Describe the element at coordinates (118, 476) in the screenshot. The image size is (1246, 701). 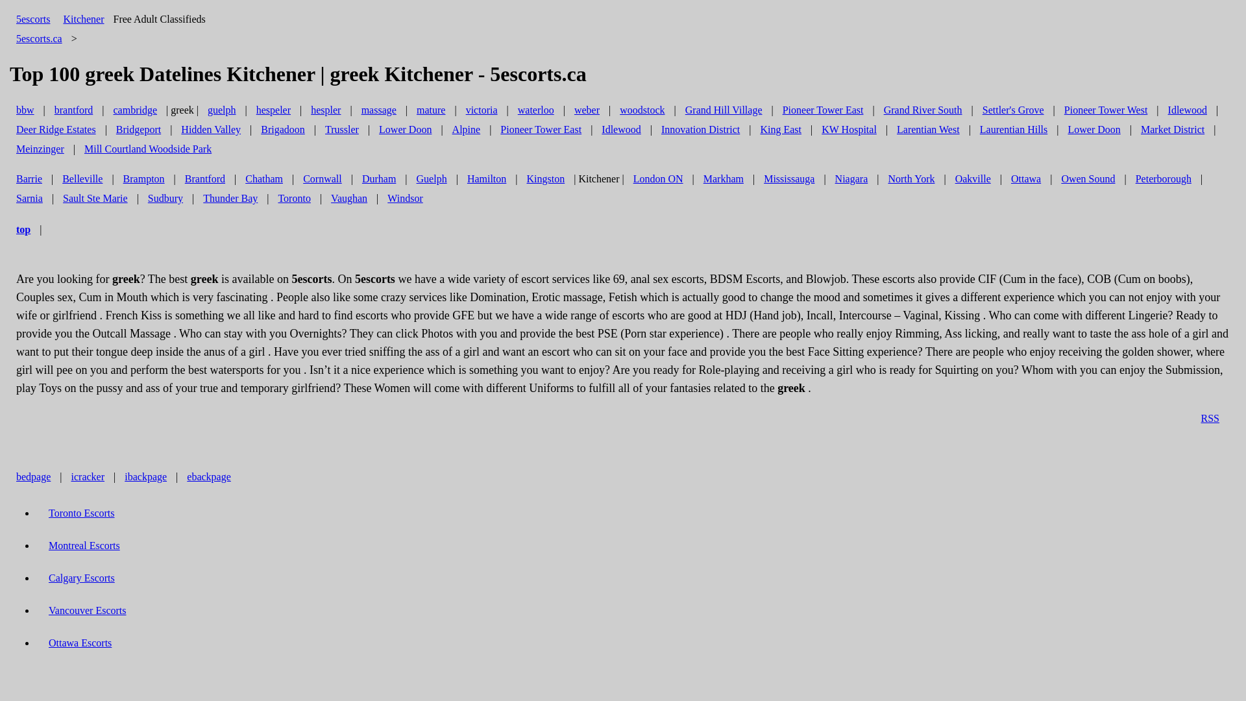
I see `'ibackpage'` at that location.